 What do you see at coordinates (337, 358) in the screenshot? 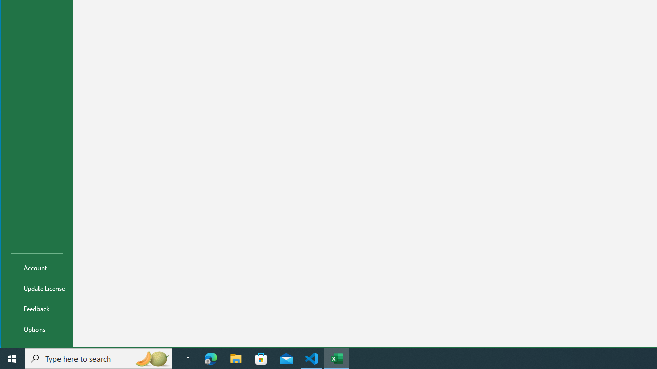
I see `'Excel - 1 running window'` at bounding box center [337, 358].